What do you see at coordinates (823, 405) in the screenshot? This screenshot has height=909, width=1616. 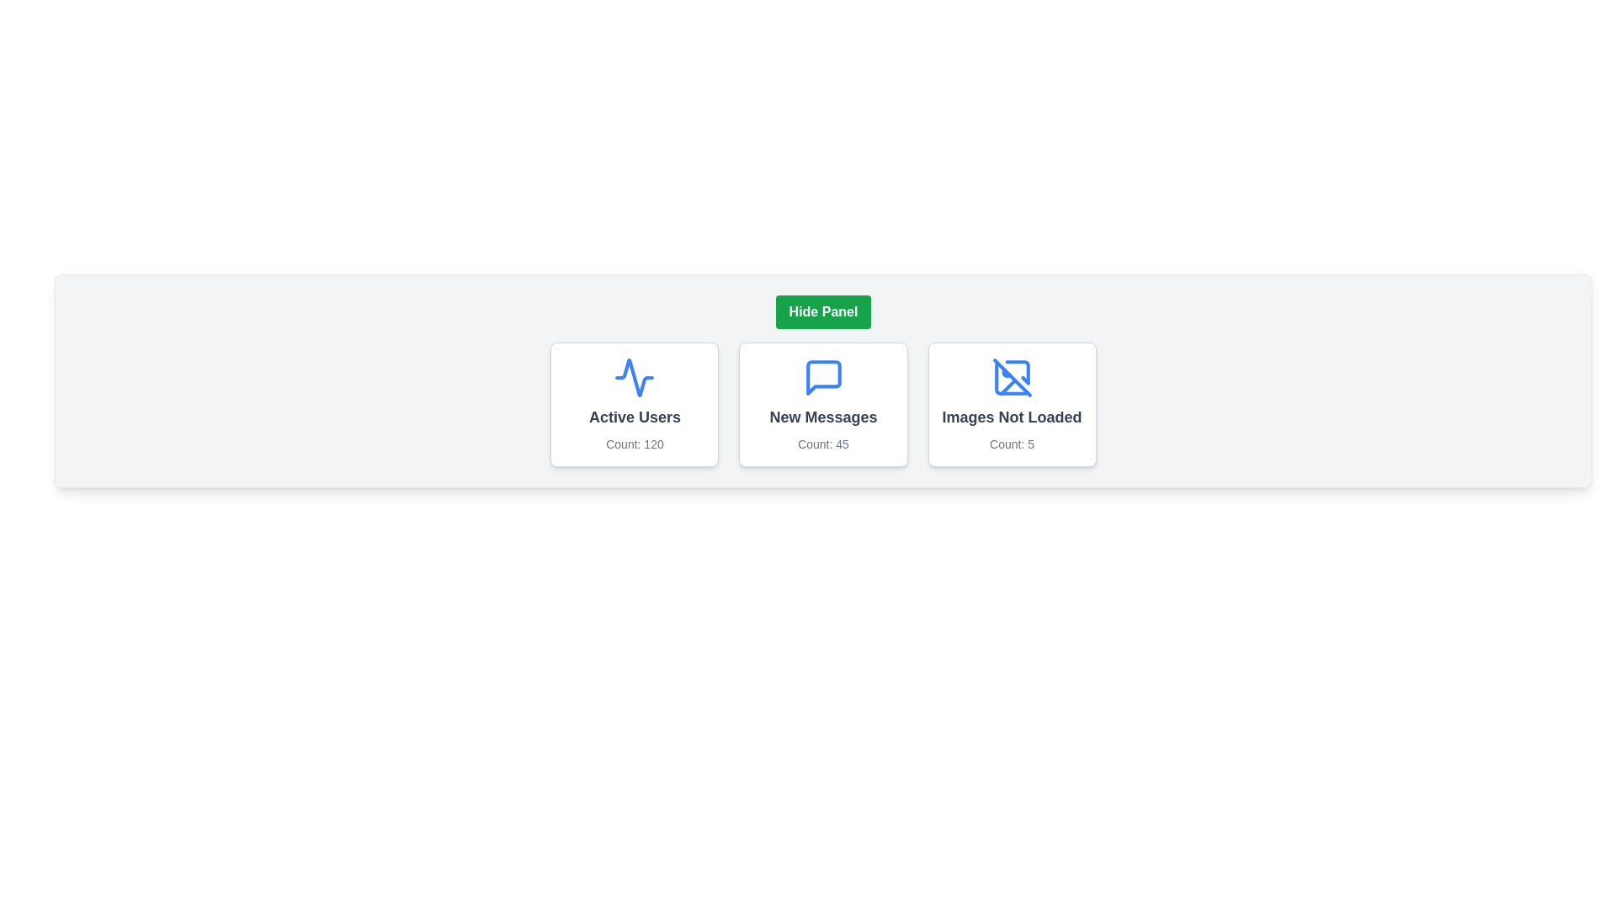 I see `the Information card that displays the count of new messages, located in the center column between the 'Active Users' and 'Images Not Loaded' cards` at bounding box center [823, 405].